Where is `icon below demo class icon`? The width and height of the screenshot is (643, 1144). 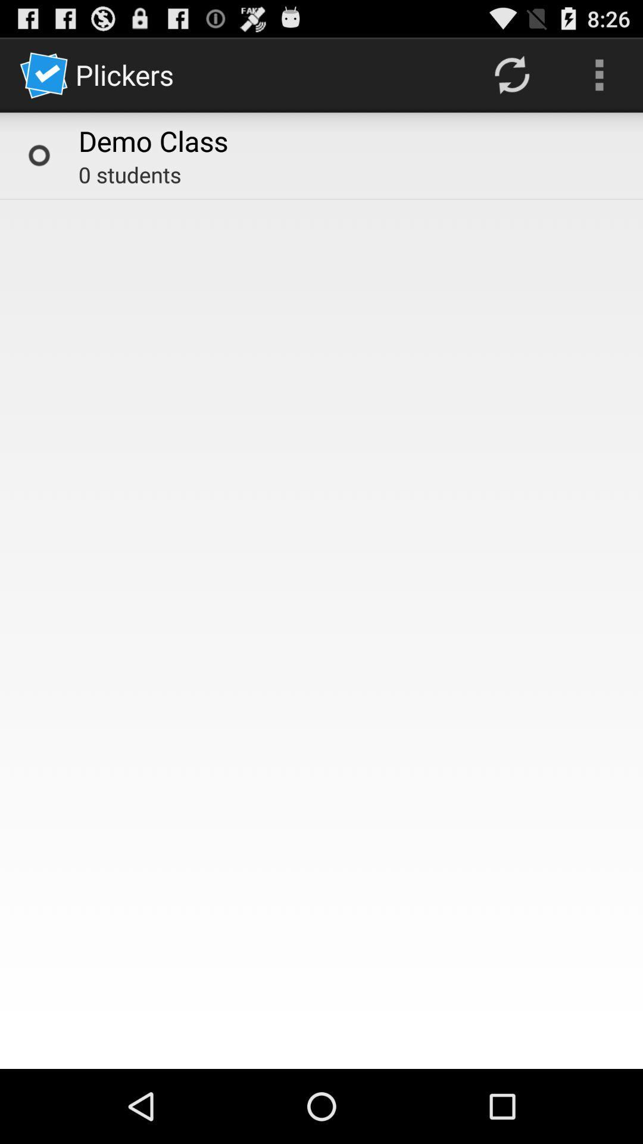 icon below demo class icon is located at coordinates (130, 174).